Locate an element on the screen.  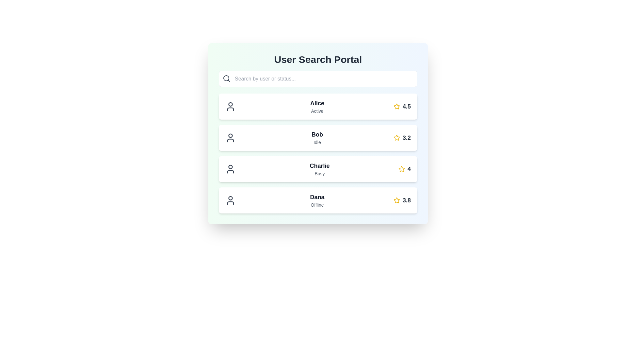
the small textual label reading 'Busy', which is positioned directly beneath the text 'Charlie' in the user list is located at coordinates (320, 173).